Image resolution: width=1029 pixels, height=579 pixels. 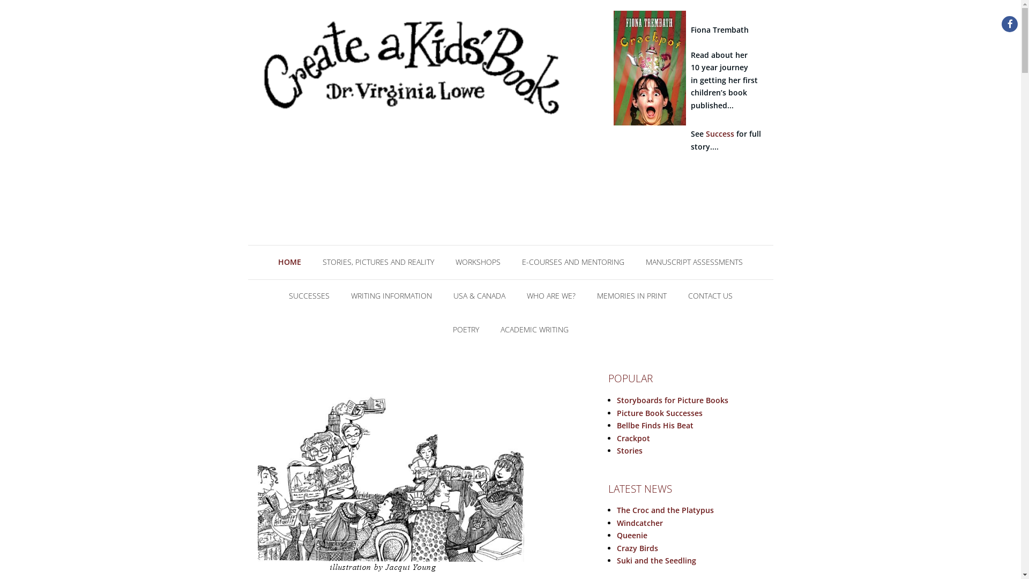 What do you see at coordinates (632, 294) in the screenshot?
I see `'MEMORIES IN PRINT'` at bounding box center [632, 294].